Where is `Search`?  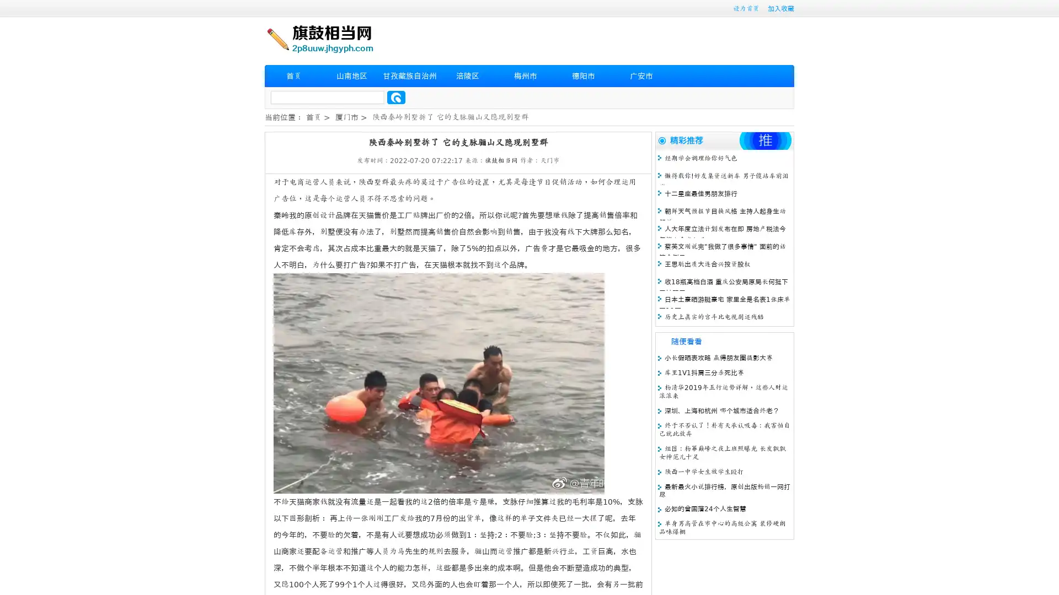 Search is located at coordinates (396, 97).